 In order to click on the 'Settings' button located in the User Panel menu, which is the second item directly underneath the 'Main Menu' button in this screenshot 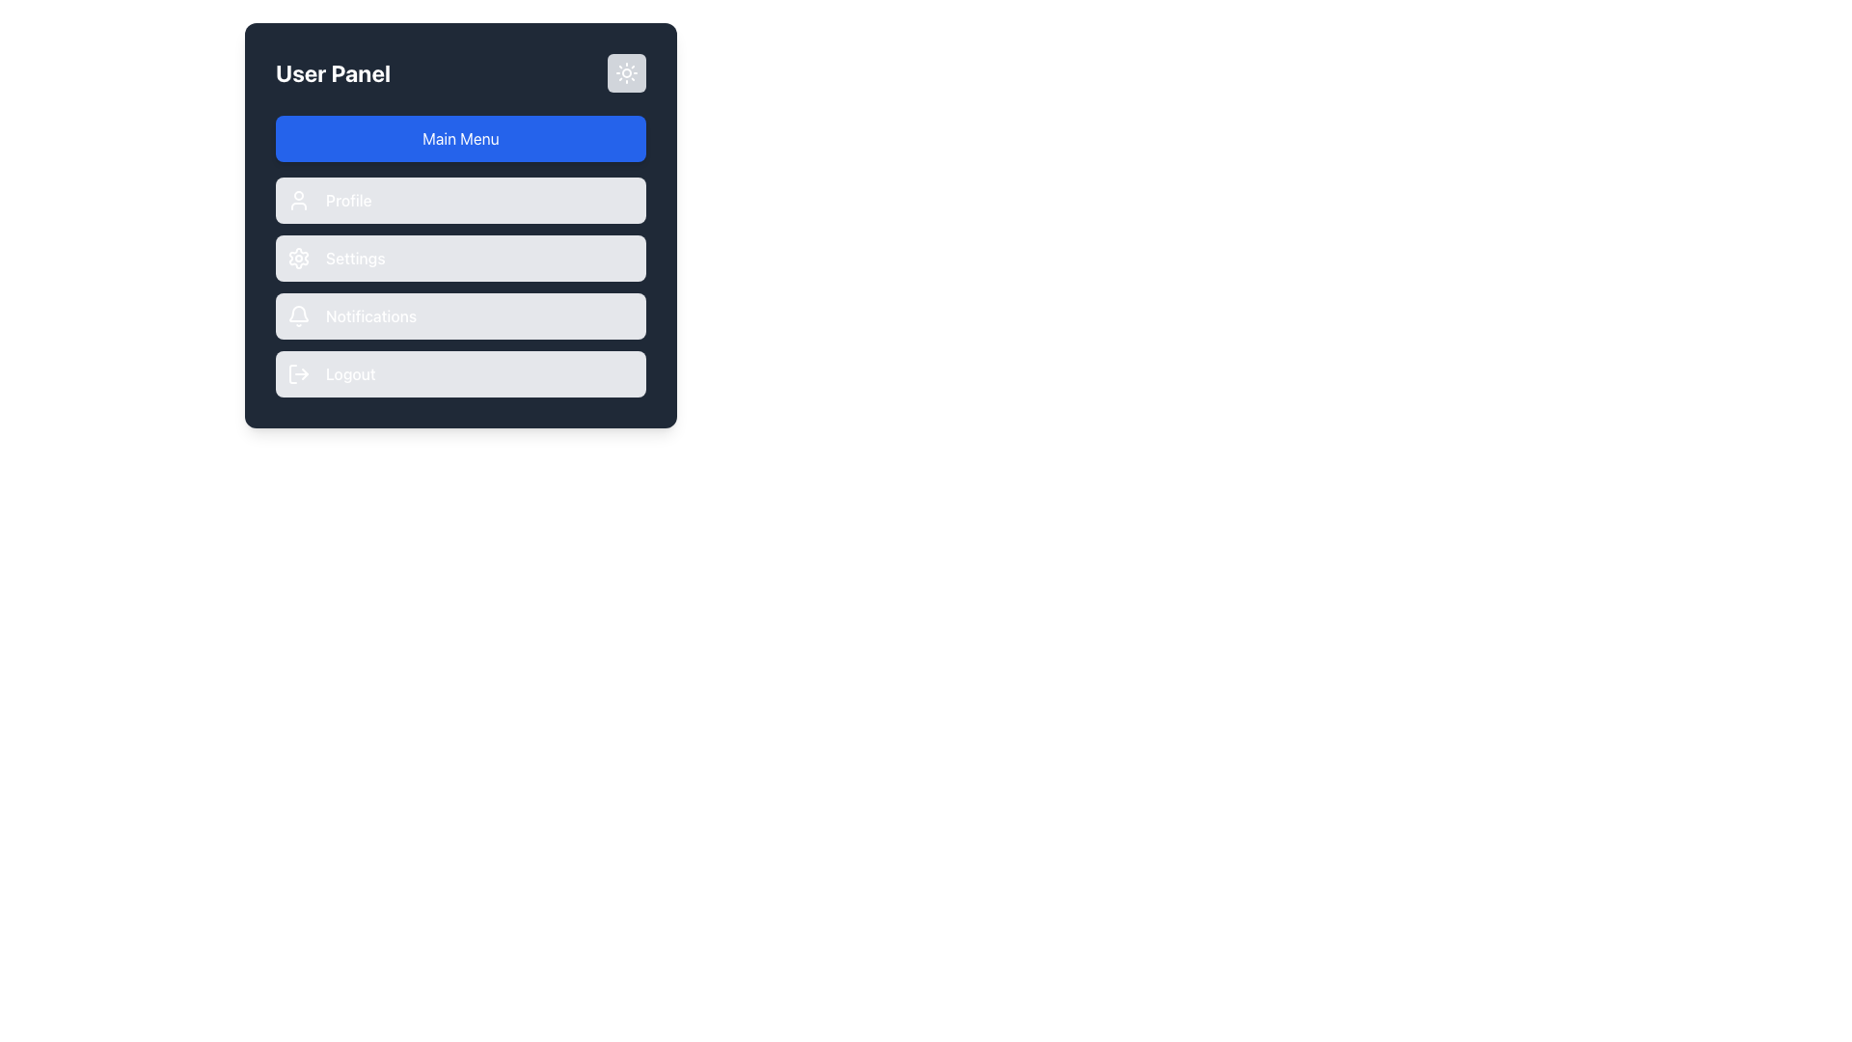, I will do `click(460, 287)`.